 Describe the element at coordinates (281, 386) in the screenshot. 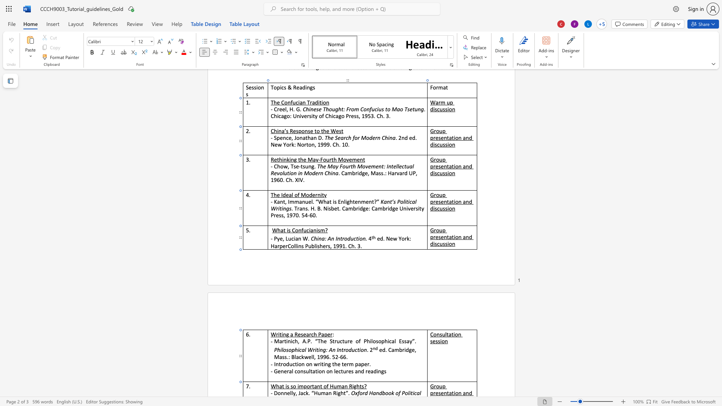

I see `the space between the continuous character "a" and "t" in the text` at that location.